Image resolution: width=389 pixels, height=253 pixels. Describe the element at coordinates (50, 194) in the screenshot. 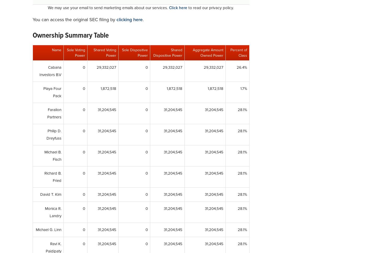

I see `'David T. Kim'` at that location.